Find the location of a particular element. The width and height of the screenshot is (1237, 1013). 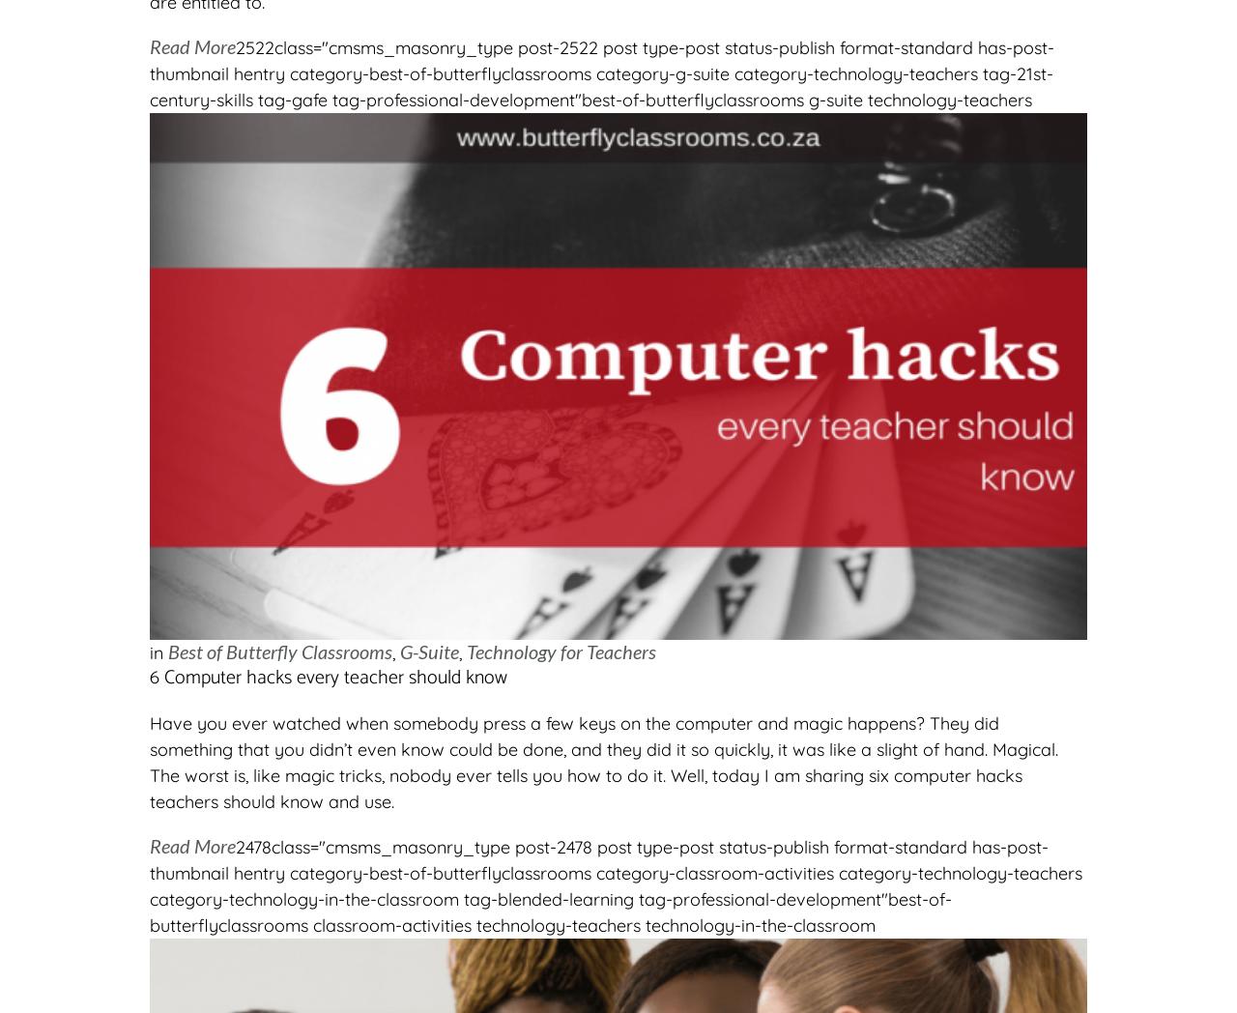

'Have you ever watched when somebody press a few keys on the computer and magic happens? They did something that you didn’t even know could be done, and they did it so quickly, it was like a slight of hand. Magical. The worst is, like magic tricks, nobody ever tells you how to do it. Well, today I am sharing six computer hacks teachers should know and use.' is located at coordinates (603, 762).